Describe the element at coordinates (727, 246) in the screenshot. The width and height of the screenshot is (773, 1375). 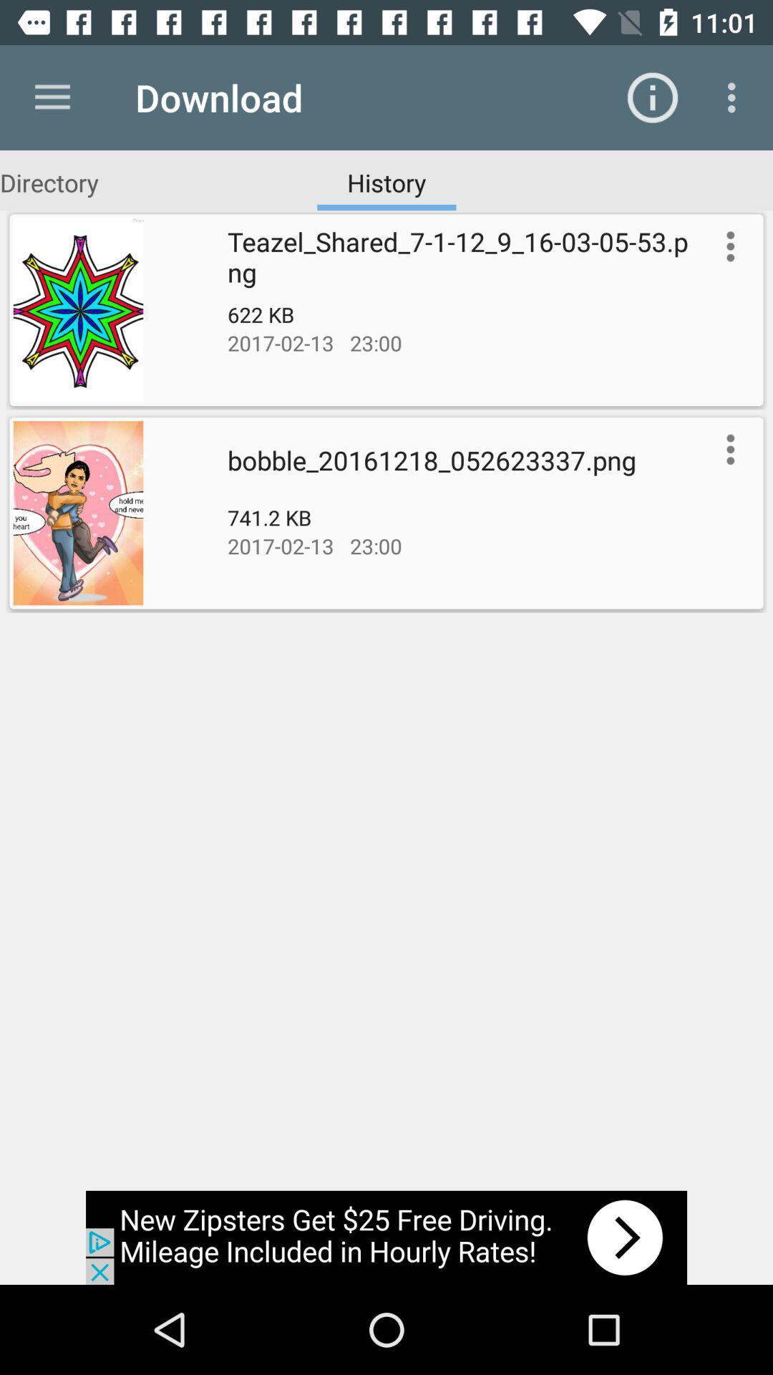
I see `setting the option` at that location.